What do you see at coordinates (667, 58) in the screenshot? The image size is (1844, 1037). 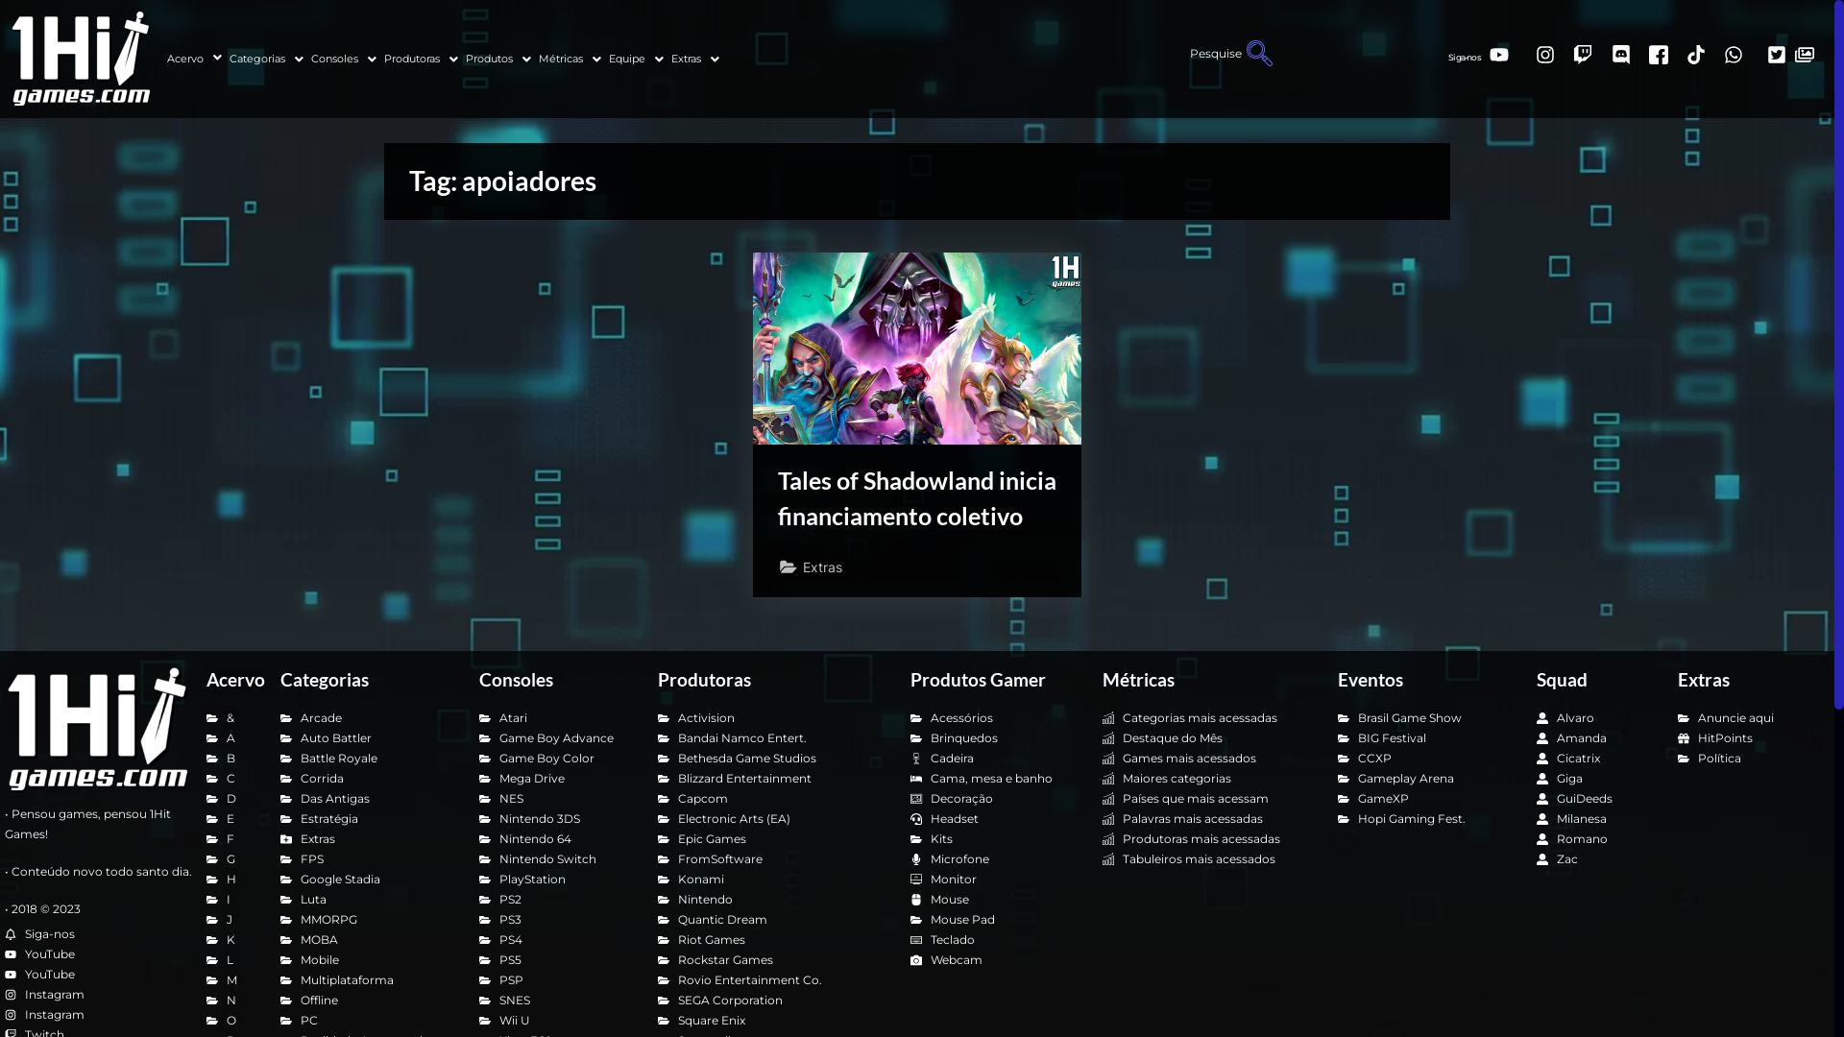 I see `'Extras'` at bounding box center [667, 58].